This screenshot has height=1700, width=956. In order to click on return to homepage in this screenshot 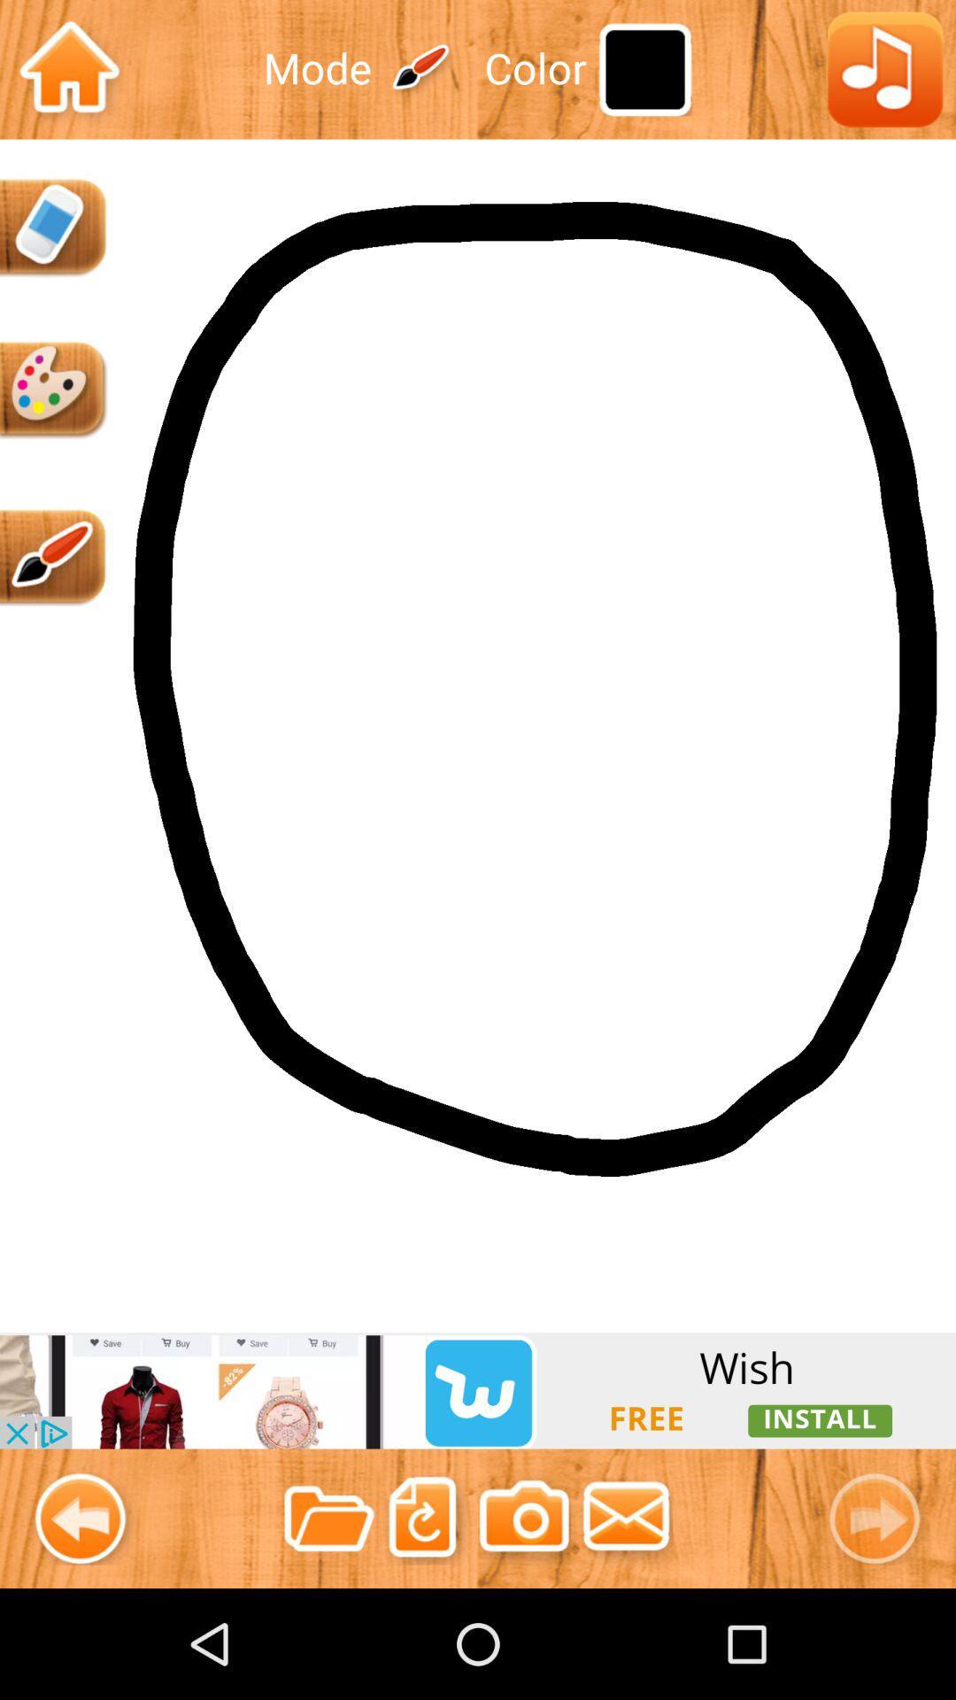, I will do `click(69, 69)`.